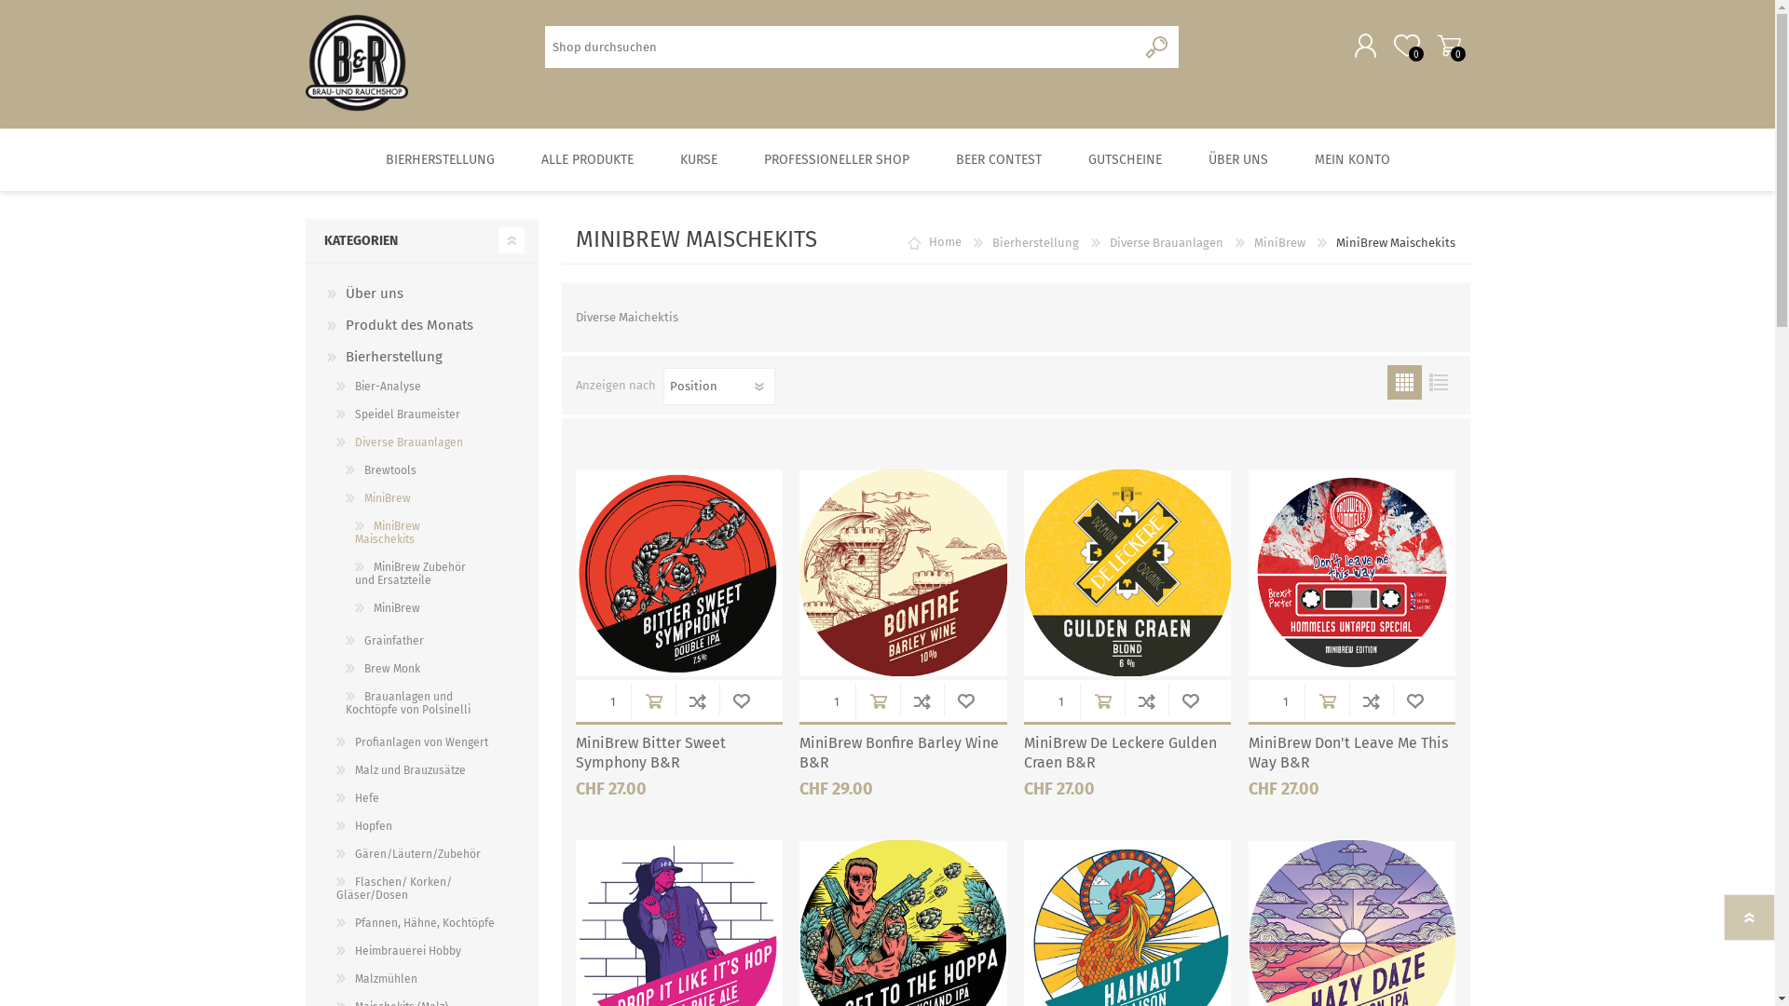  I want to click on 'Bierherstellung', so click(991, 241).